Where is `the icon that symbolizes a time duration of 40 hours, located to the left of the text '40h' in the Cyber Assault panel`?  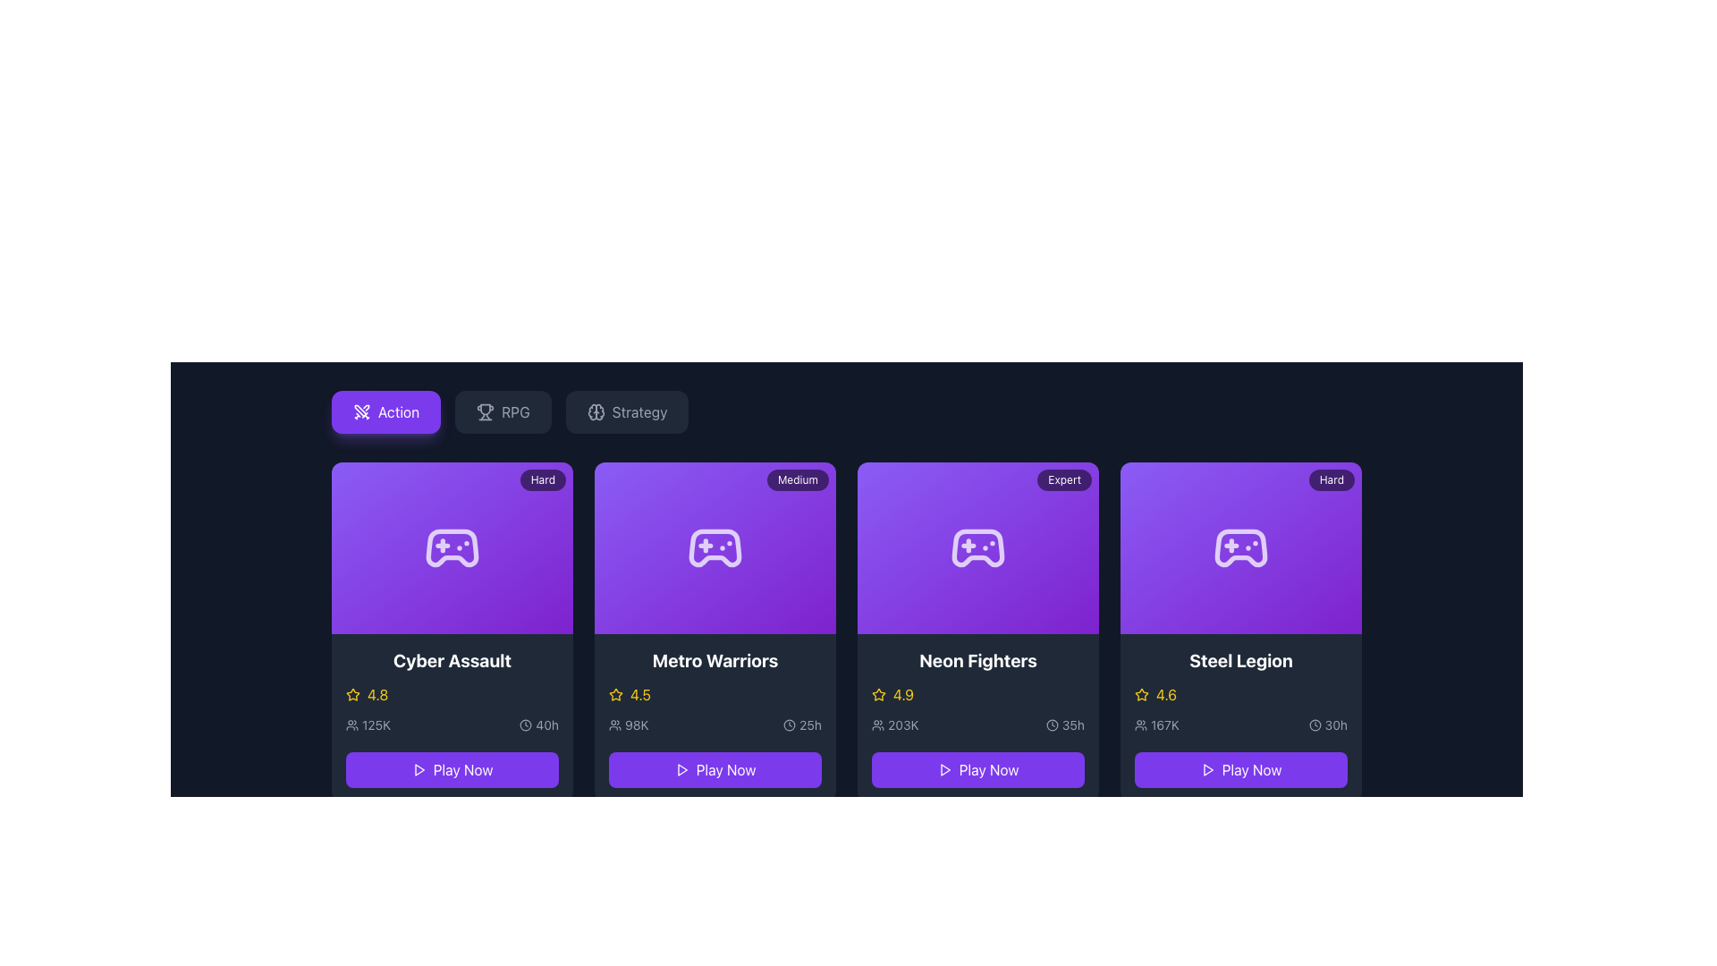 the icon that symbolizes a time duration of 40 hours, located to the left of the text '40h' in the Cyber Assault panel is located at coordinates (525, 724).